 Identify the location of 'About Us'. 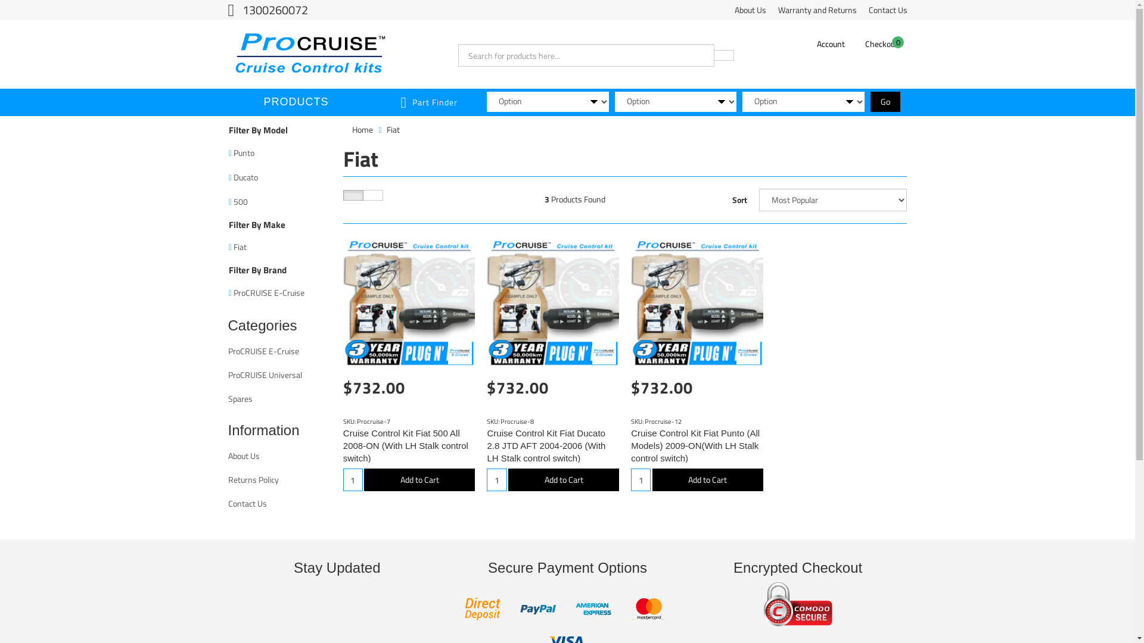
(733, 10).